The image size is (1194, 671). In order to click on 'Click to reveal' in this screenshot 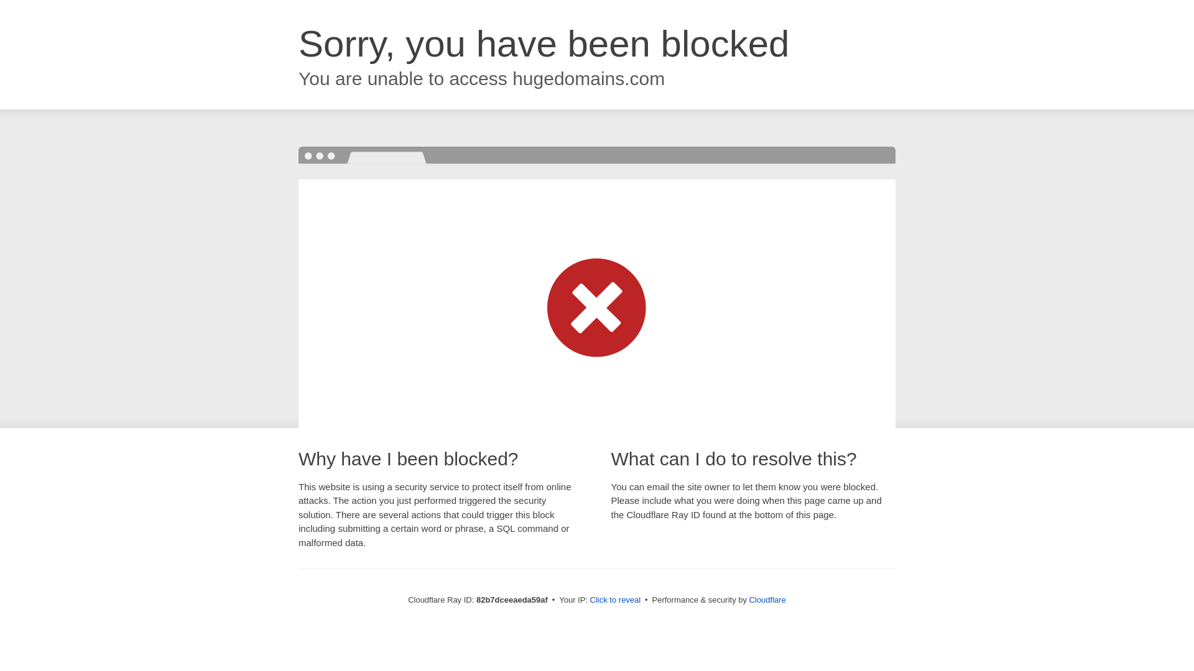, I will do `click(590, 599)`.